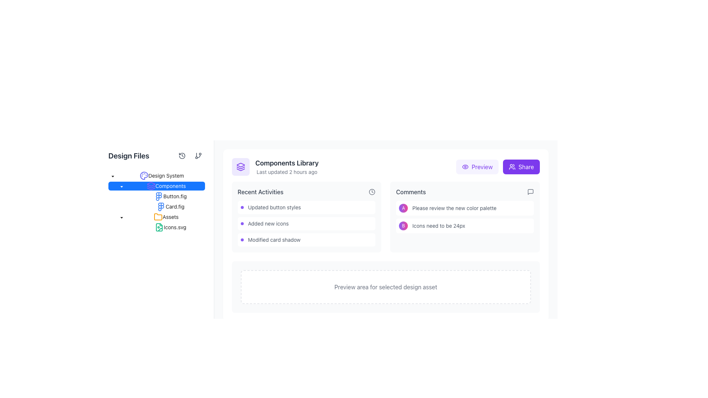  I want to click on the violet-styled stacked layers icon located at the top-center of the violet-highlighted rectangular area, so click(240, 167).